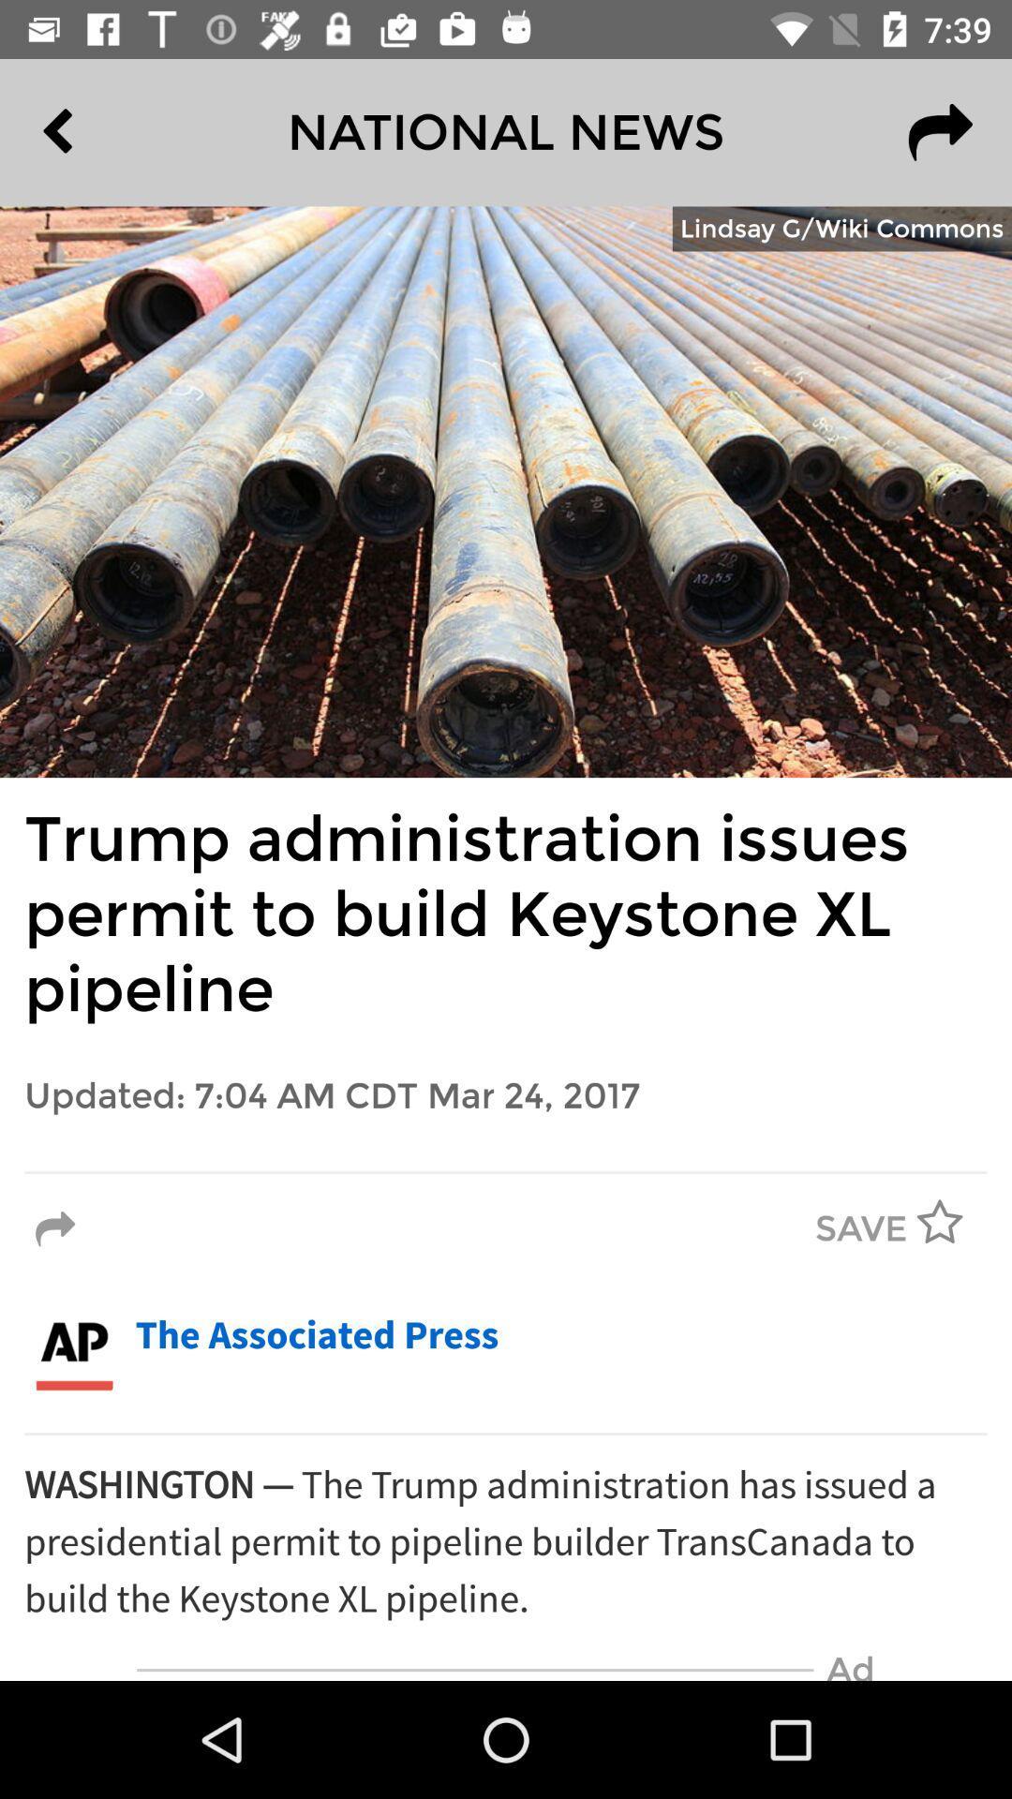 This screenshot has width=1012, height=1799. I want to click on icon to the left of national news, so click(100, 131).